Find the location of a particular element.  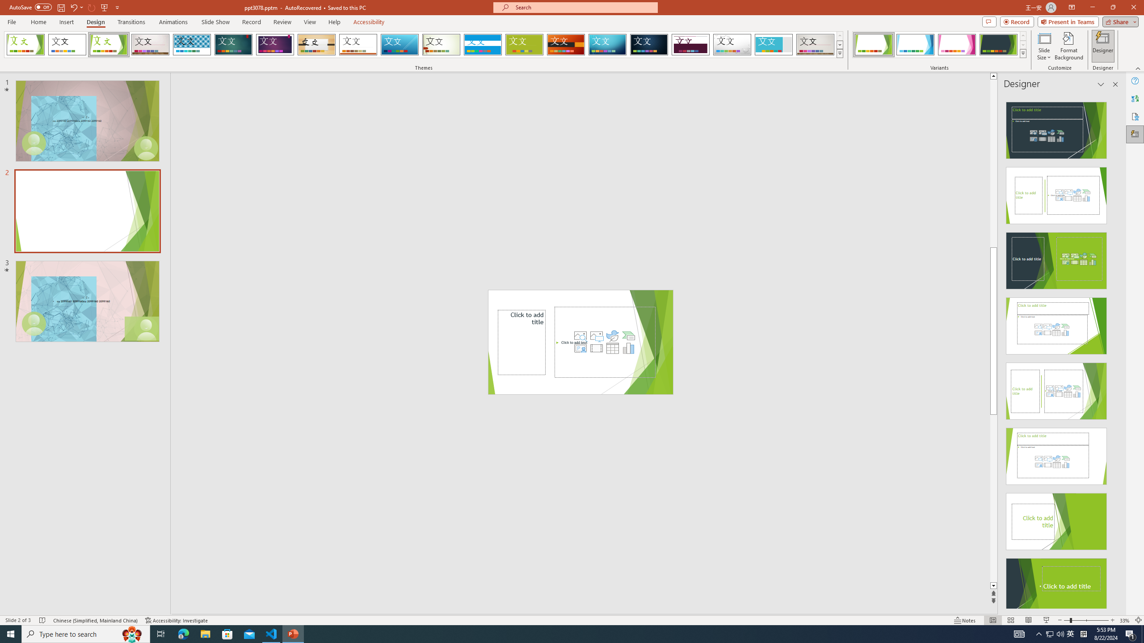

'Insert a SmartArt Graphic' is located at coordinates (628, 335).